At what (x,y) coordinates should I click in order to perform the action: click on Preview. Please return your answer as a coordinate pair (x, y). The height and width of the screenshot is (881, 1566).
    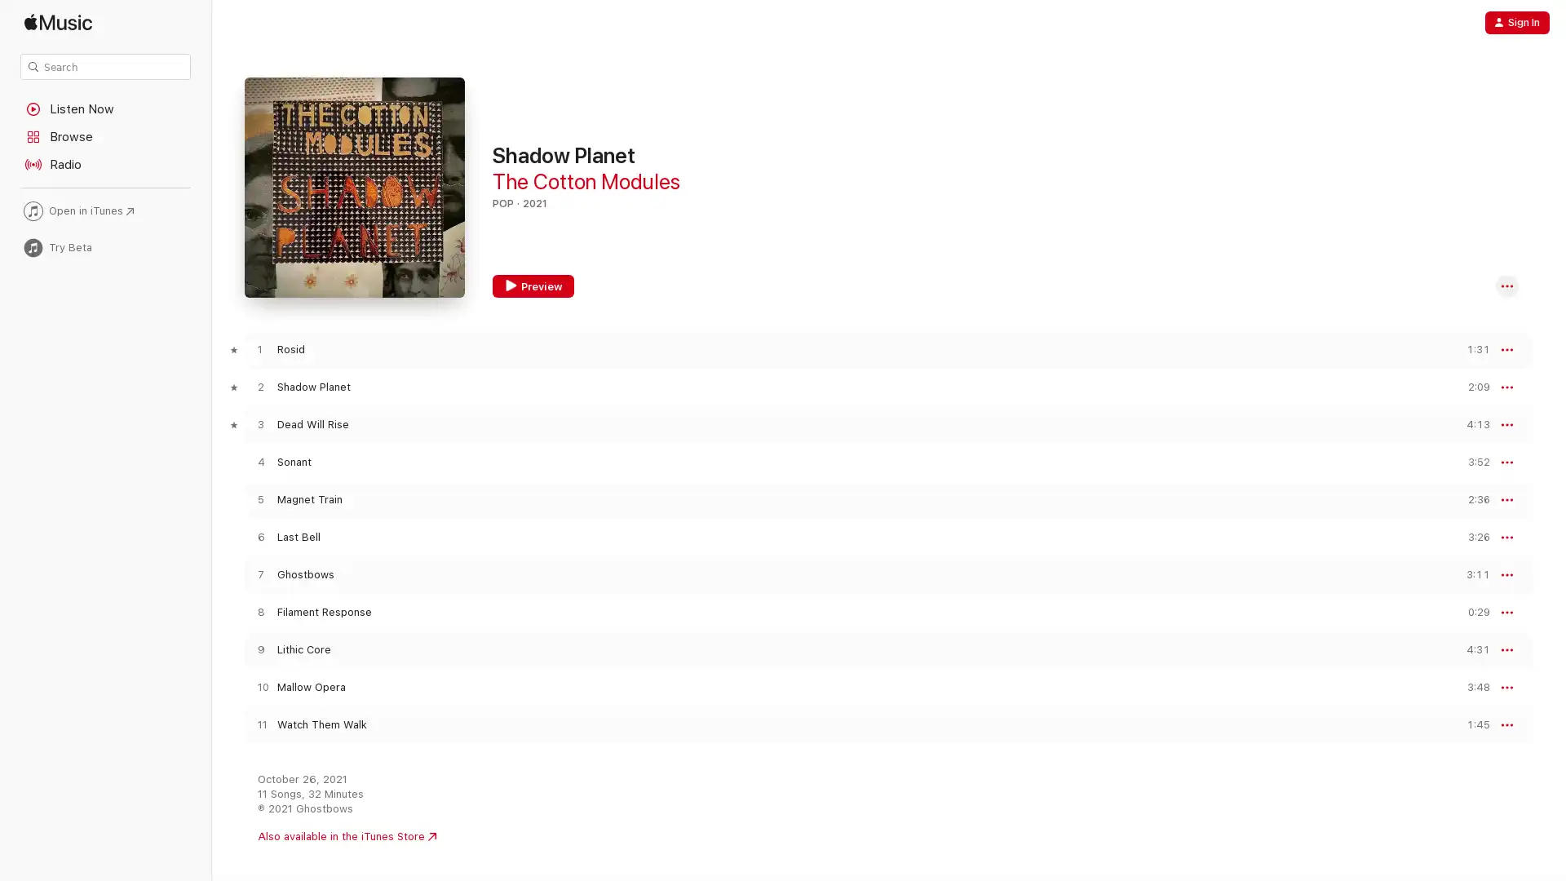
    Looking at the image, I should click on (1471, 687).